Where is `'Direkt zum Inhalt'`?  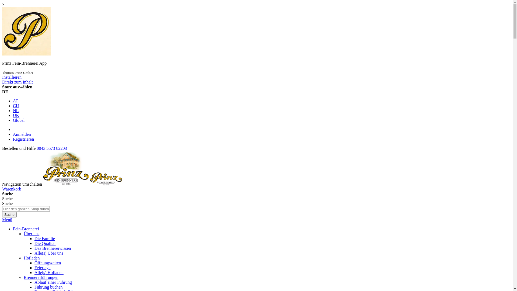
'Direkt zum Inhalt' is located at coordinates (18, 82).